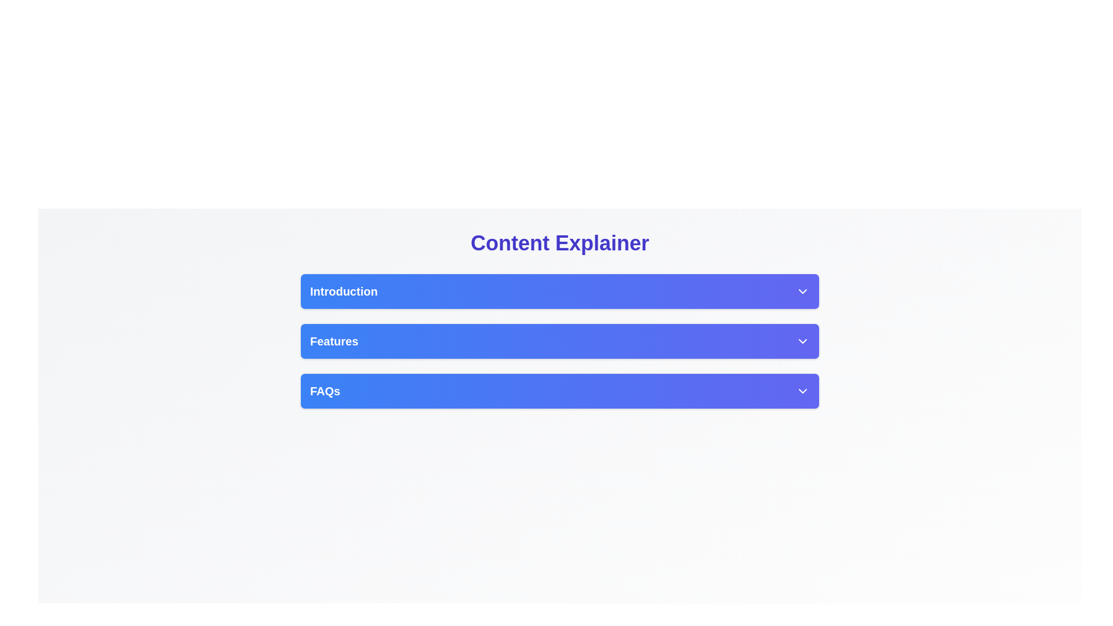 The width and height of the screenshot is (1113, 626). Describe the element at coordinates (325, 391) in the screenshot. I see `the Text Label element displaying 'FAQs', which is styled with a blue gradient background and located at the bottom of a list of items` at that location.